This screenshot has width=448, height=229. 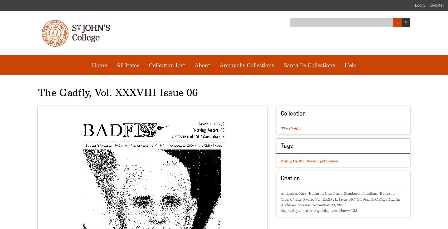 I want to click on 'Help', so click(x=350, y=65).